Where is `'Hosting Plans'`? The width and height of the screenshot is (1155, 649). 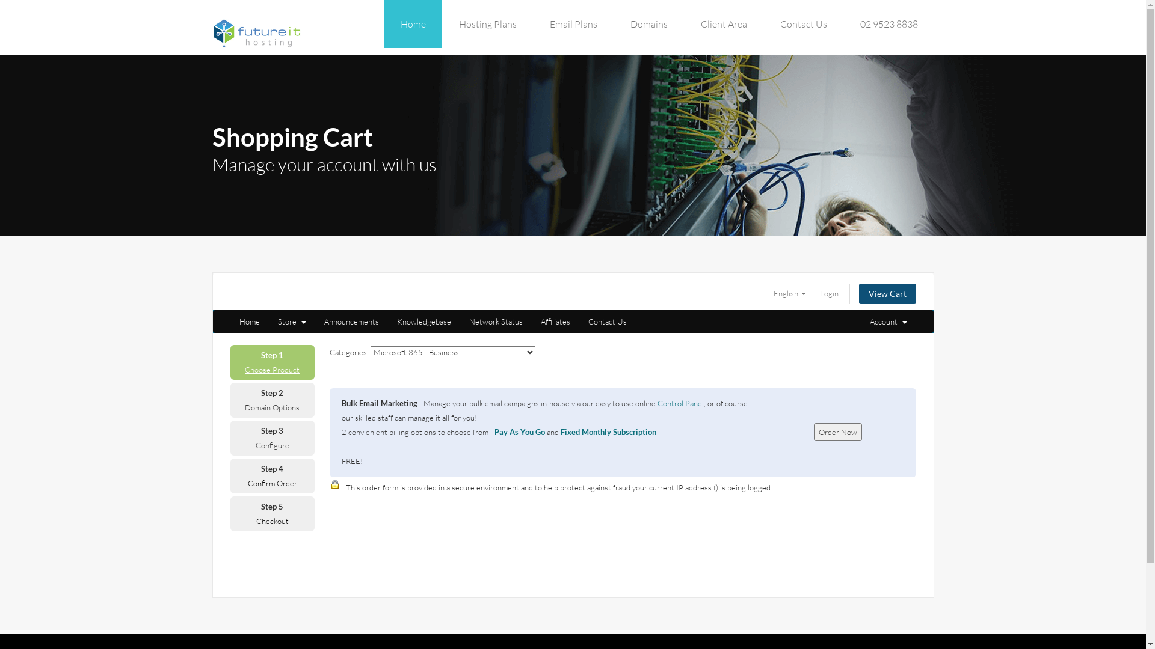 'Hosting Plans' is located at coordinates (488, 23).